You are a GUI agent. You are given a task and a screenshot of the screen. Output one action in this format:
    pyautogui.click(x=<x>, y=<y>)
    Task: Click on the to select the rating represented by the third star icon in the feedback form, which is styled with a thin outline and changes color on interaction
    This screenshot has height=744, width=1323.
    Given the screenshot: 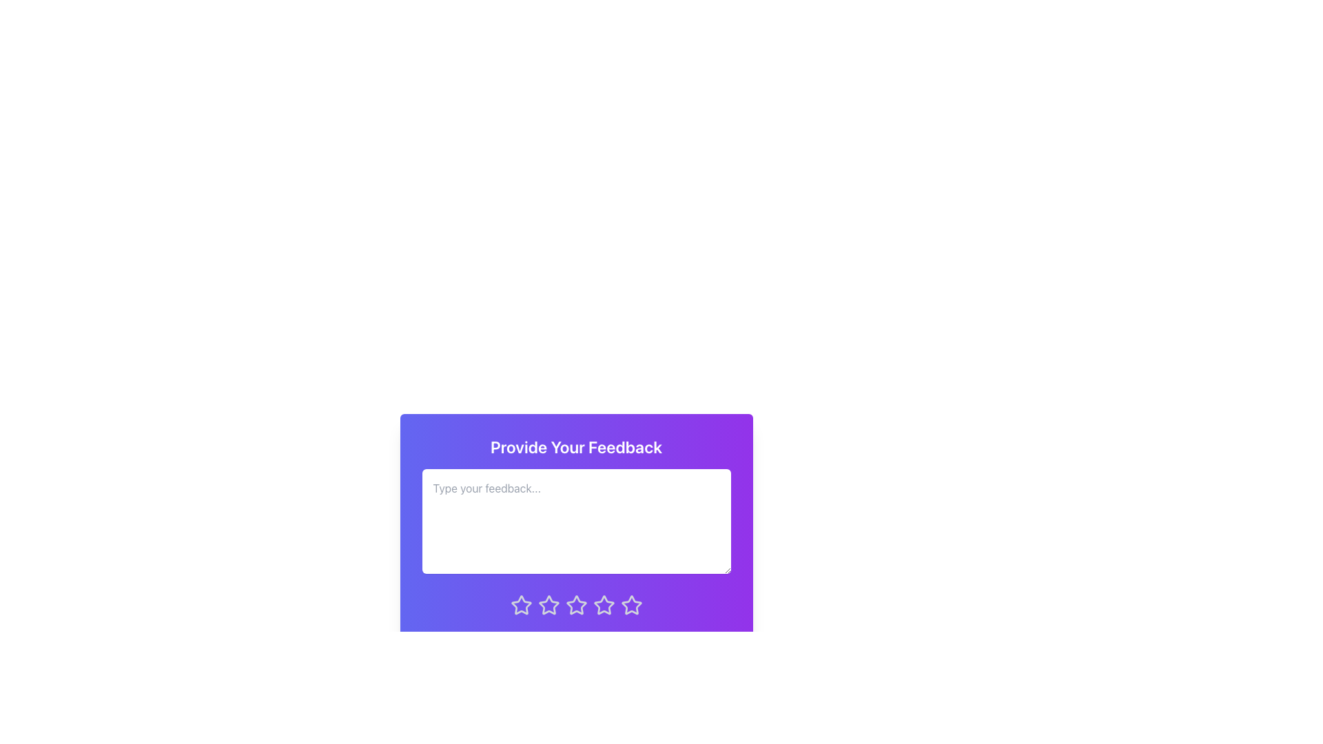 What is the action you would take?
    pyautogui.click(x=575, y=604)
    